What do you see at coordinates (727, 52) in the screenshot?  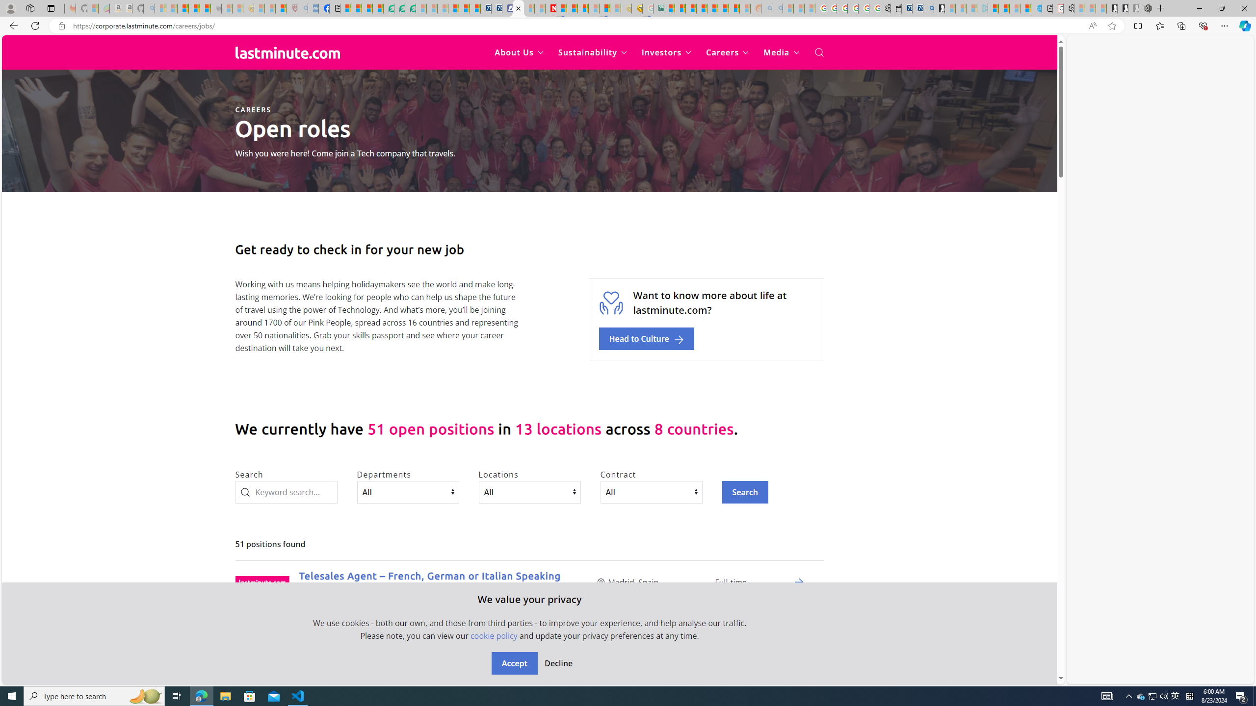 I see `'Careers'` at bounding box center [727, 52].